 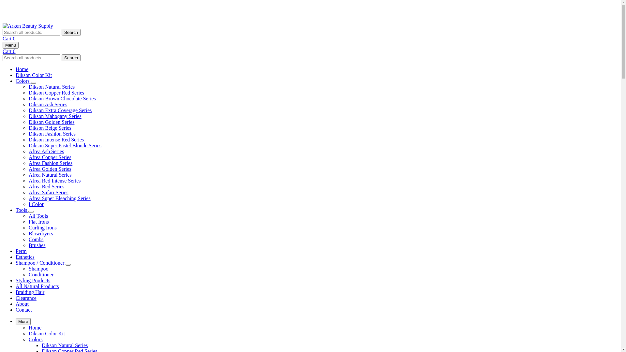 I want to click on 'Dikson Intense Red Series', so click(x=56, y=139).